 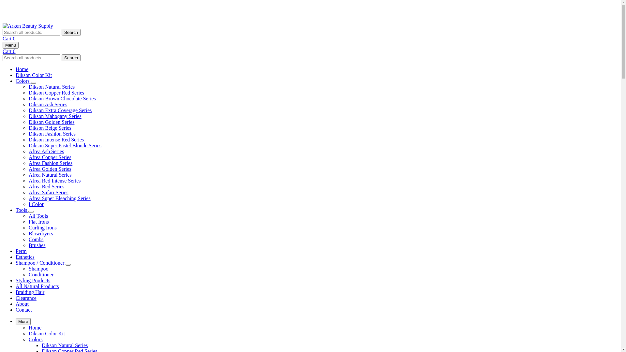 I want to click on 'Dikson Intense Red Series', so click(x=56, y=139).